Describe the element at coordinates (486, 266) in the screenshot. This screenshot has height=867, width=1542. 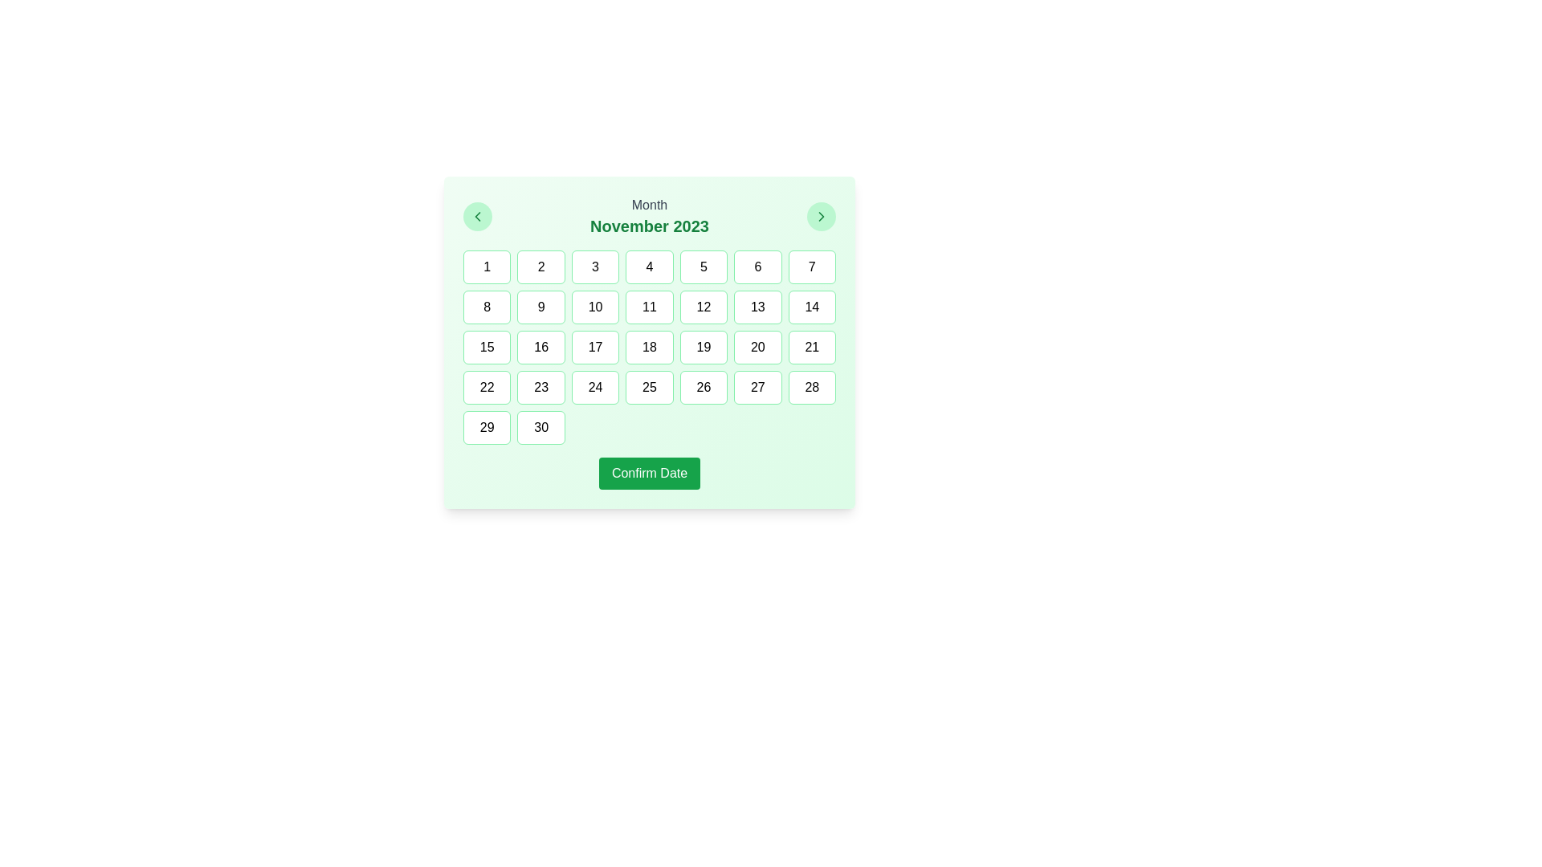
I see `the button that allows the user to select the first day of November 2023 in the calendar interface` at that location.